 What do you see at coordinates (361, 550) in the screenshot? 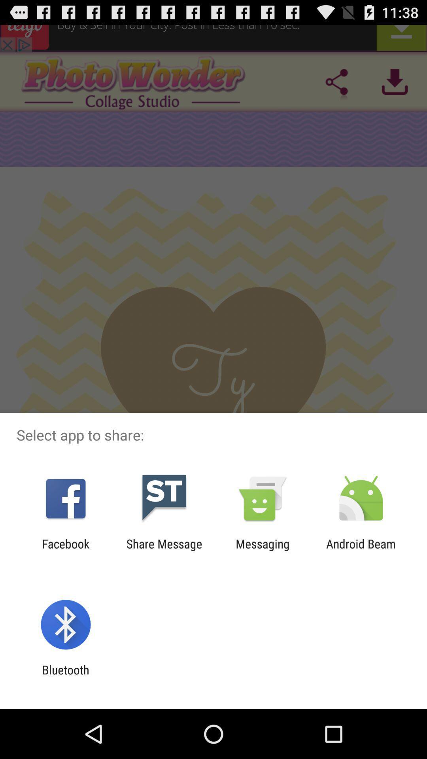
I see `the item next to messaging item` at bounding box center [361, 550].